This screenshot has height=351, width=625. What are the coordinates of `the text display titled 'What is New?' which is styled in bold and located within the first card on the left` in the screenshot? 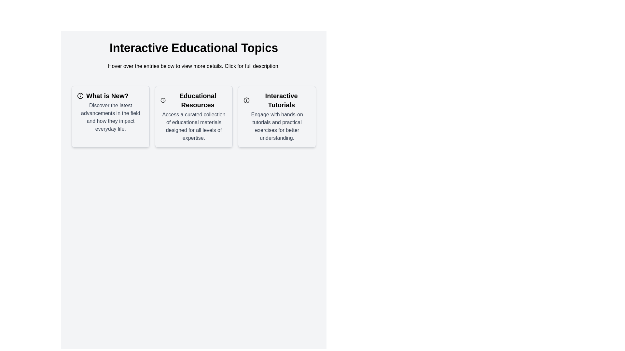 It's located at (110, 96).